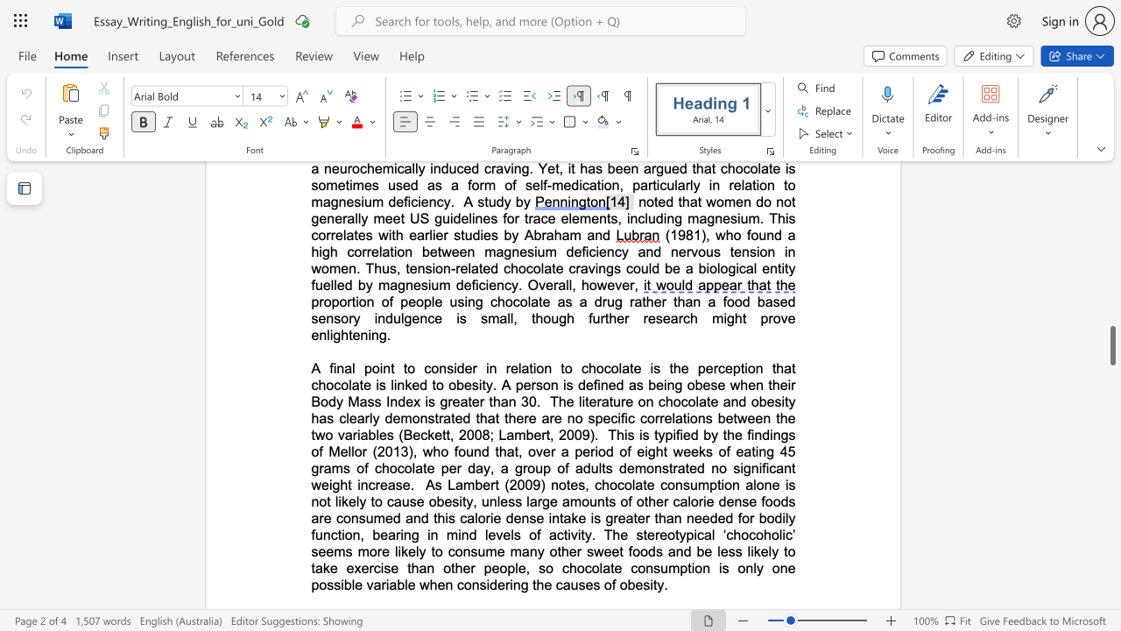 This screenshot has height=631, width=1121. What do you see at coordinates (1111, 237) in the screenshot?
I see `the scrollbar to scroll upward` at bounding box center [1111, 237].